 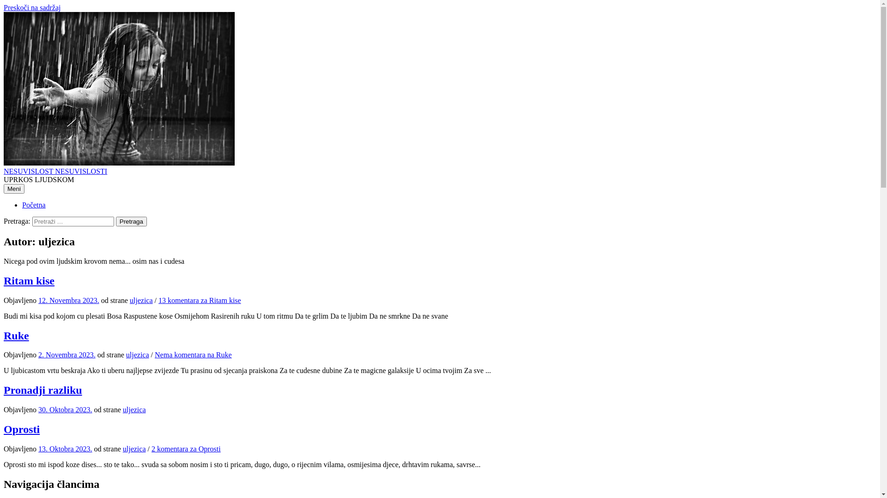 I want to click on 'NESUVISLOST NESUVISLOSTI', so click(x=55, y=171).